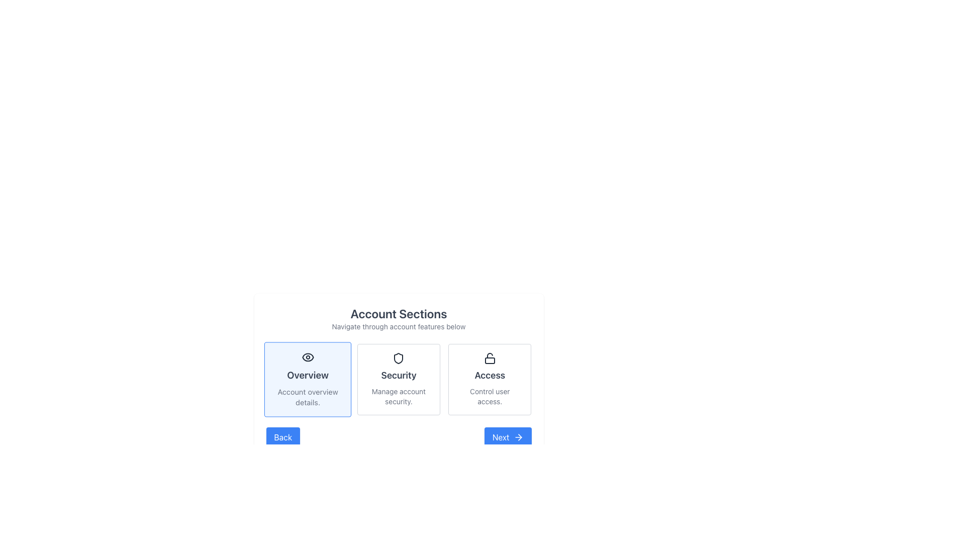 The image size is (965, 543). What do you see at coordinates (398, 376) in the screenshot?
I see `the main card element titled 'Account Sections', which contains three clickable sections and 'Back' and 'Next' buttons, located at the center of the interface` at bounding box center [398, 376].